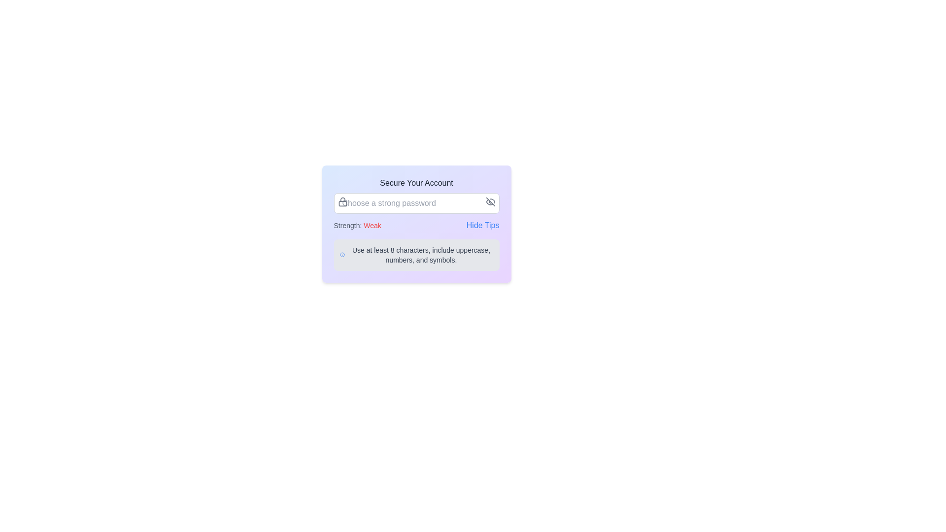 The height and width of the screenshot is (532, 946). Describe the element at coordinates (342, 201) in the screenshot. I see `the security indicator icon located in the upper-left corner of the password input field, which symbolizes security or password-related functionality` at that location.